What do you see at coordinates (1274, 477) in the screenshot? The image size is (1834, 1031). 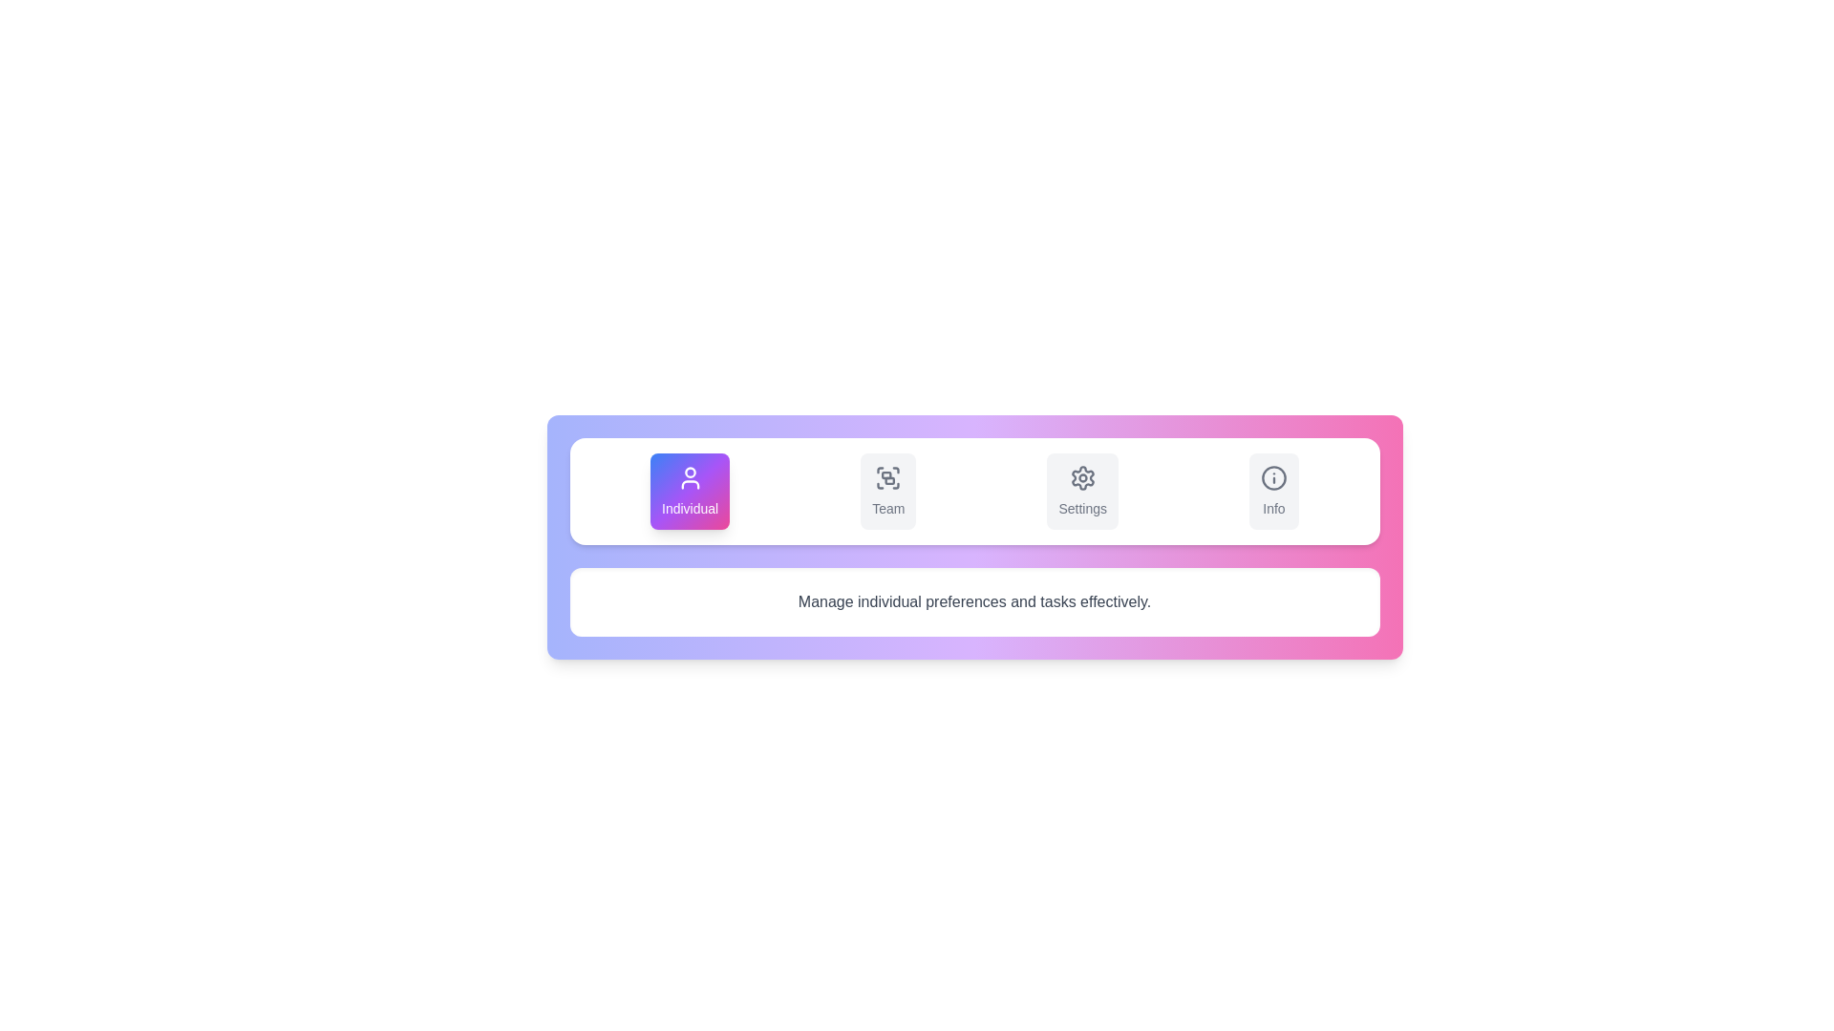 I see `the circular SVG shape that is part of the 'Info' button located at the far-right of the top bar of buttons` at bounding box center [1274, 477].